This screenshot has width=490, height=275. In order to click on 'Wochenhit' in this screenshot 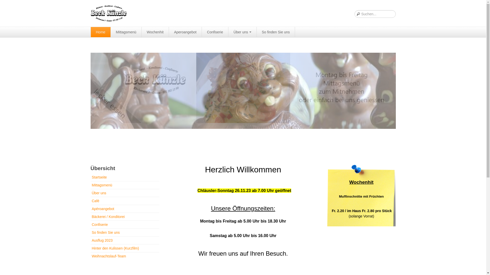, I will do `click(155, 32)`.